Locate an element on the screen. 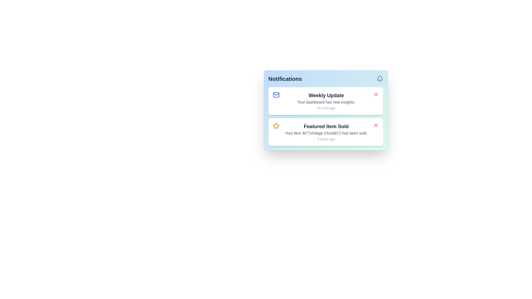  the accessible text or links within the second notification card titled 'Featured Item Sold', which has a white background and rounded corners, located below the first notification card 'Weekly Update' is located at coordinates (326, 127).